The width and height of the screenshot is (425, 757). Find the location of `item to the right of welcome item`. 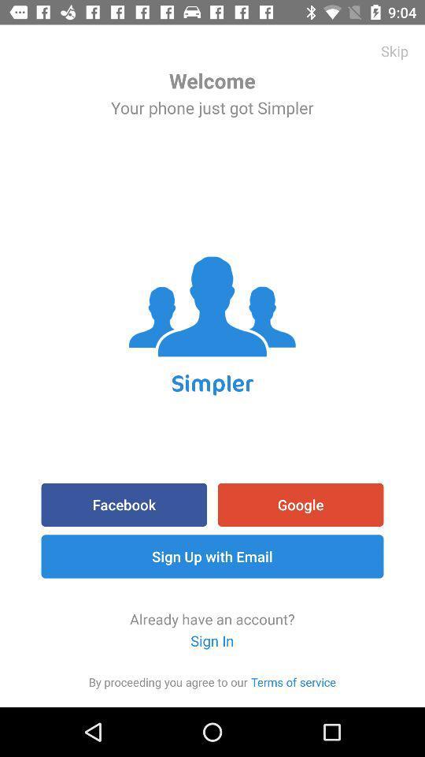

item to the right of welcome item is located at coordinates (394, 50).